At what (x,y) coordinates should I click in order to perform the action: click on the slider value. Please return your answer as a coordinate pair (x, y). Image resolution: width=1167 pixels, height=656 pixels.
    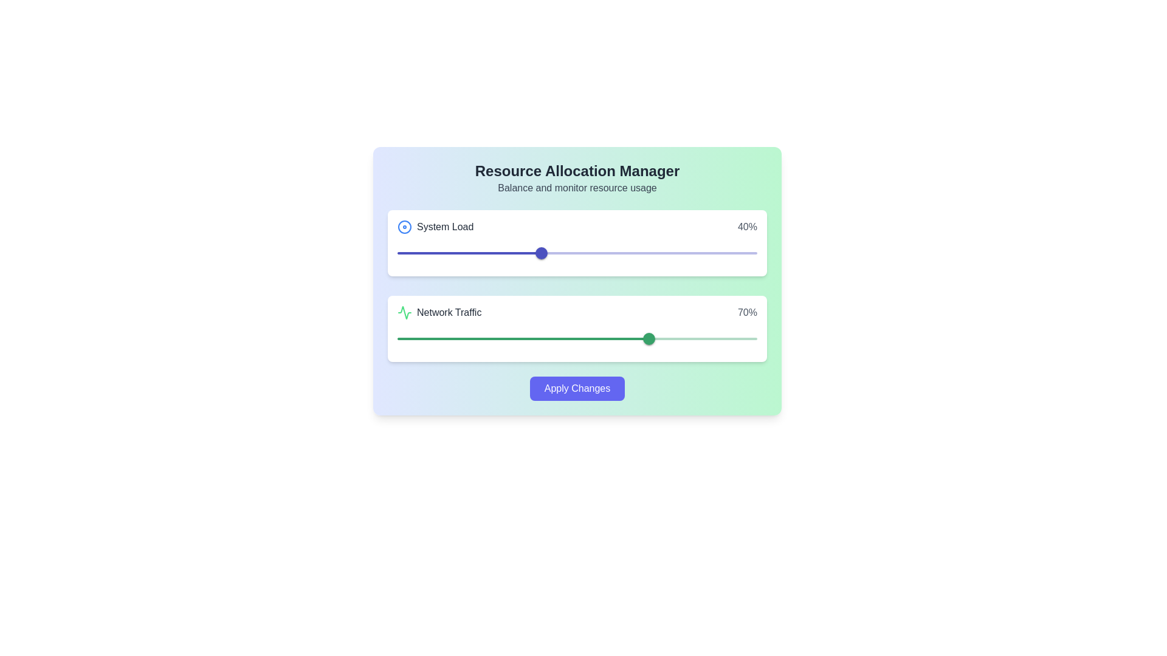
    Looking at the image, I should click on (725, 339).